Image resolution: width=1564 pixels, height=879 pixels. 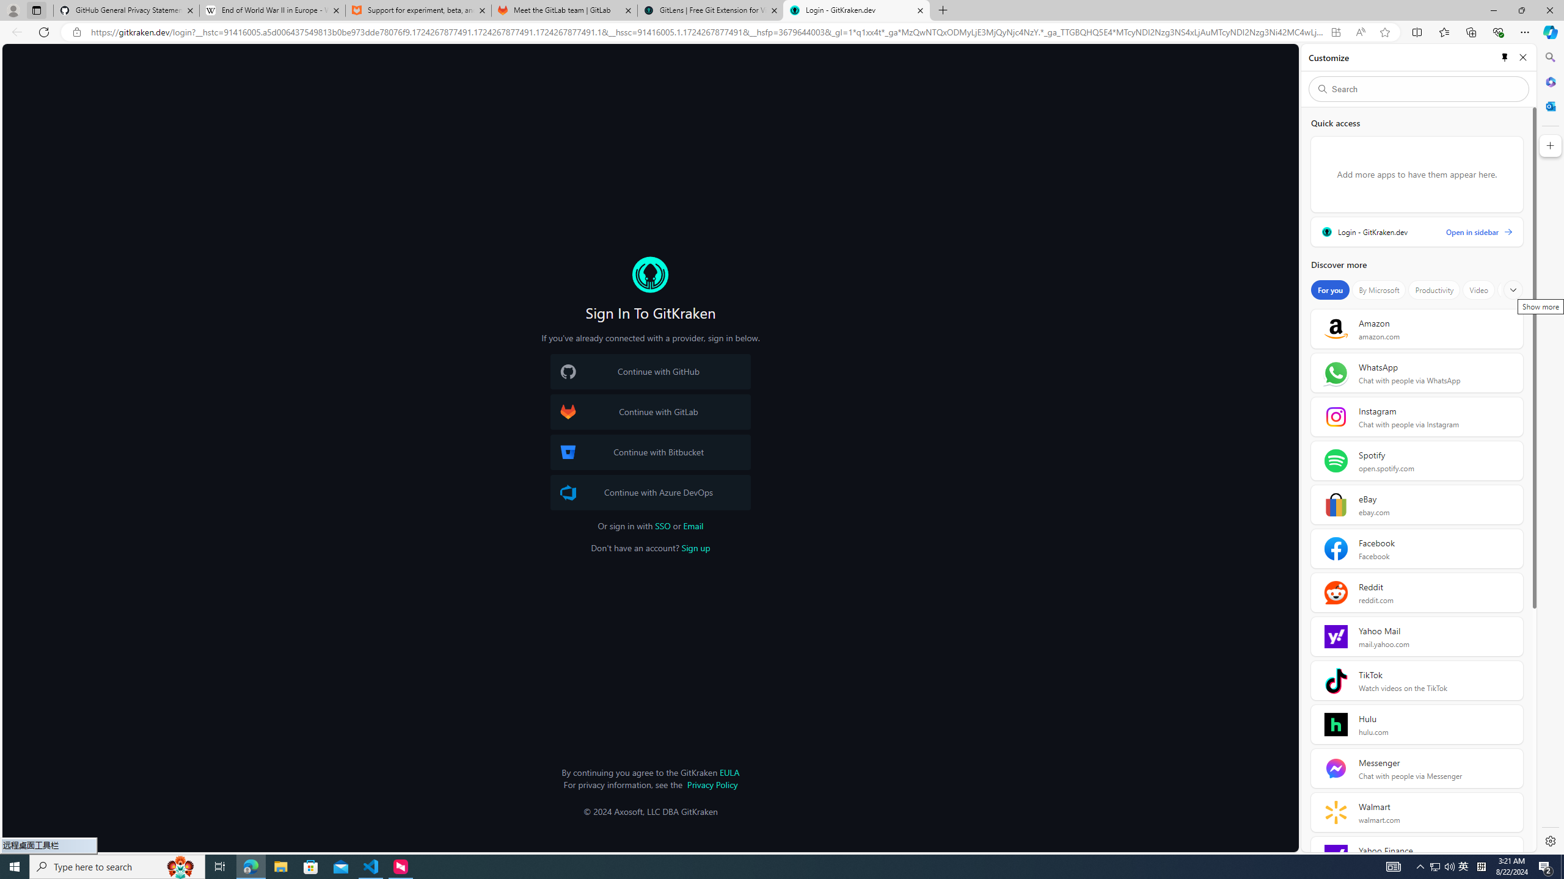 What do you see at coordinates (649, 371) in the screenshot?
I see `'GitHub Logo Continue with GitHub'` at bounding box center [649, 371].